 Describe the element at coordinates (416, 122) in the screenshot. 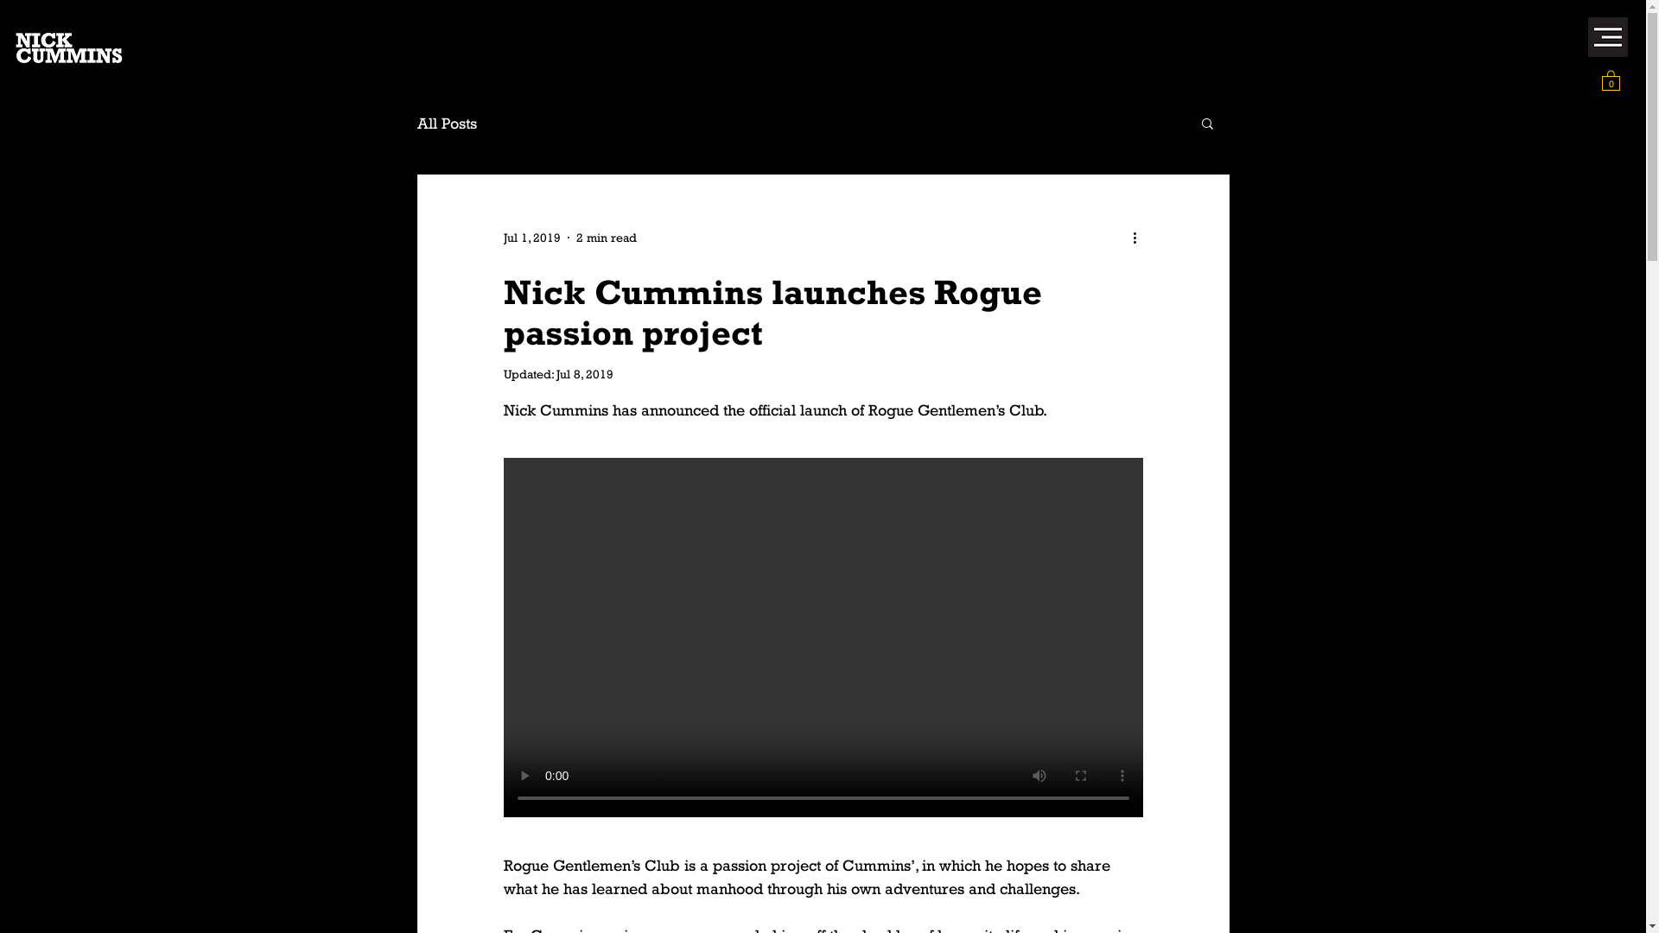

I see `'All Posts'` at that location.